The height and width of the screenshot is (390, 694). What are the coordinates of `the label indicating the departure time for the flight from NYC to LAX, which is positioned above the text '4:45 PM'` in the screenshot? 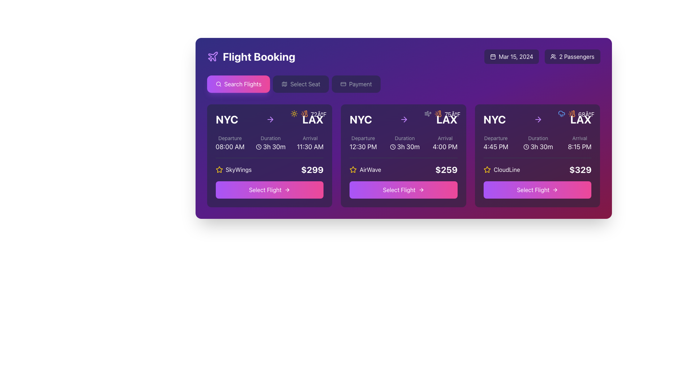 It's located at (496, 138).